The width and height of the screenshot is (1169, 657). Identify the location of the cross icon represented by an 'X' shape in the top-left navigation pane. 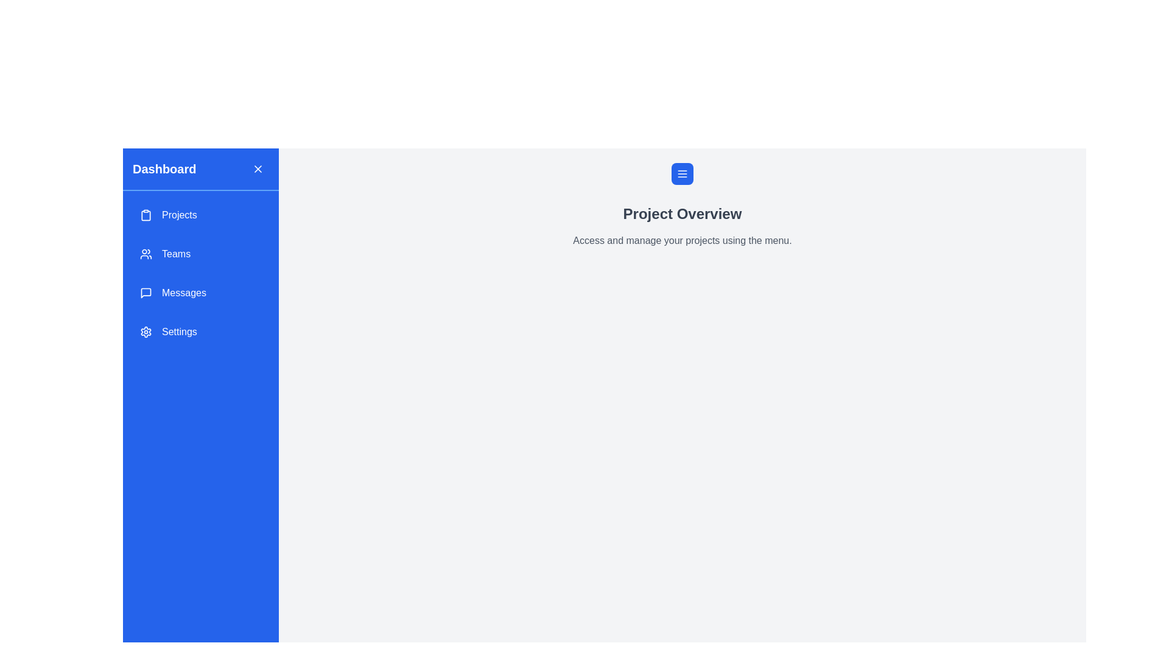
(257, 169).